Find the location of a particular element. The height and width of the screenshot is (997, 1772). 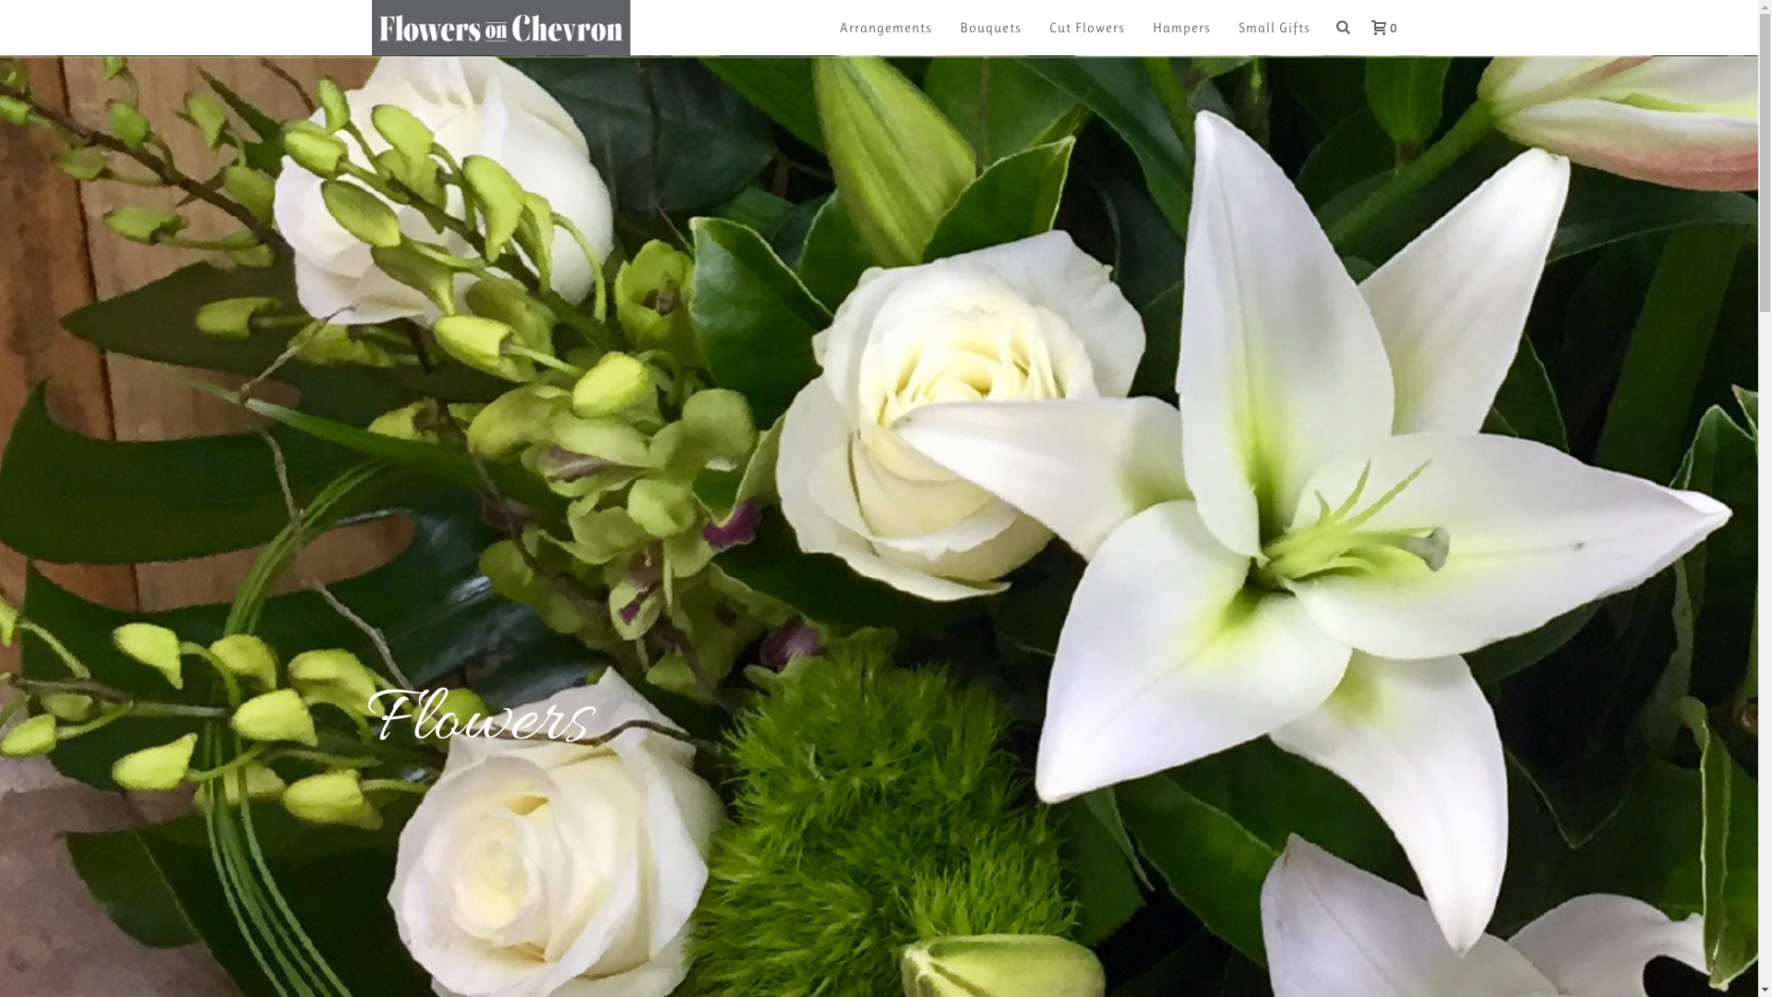

'Bouquets' is located at coordinates (946, 28).